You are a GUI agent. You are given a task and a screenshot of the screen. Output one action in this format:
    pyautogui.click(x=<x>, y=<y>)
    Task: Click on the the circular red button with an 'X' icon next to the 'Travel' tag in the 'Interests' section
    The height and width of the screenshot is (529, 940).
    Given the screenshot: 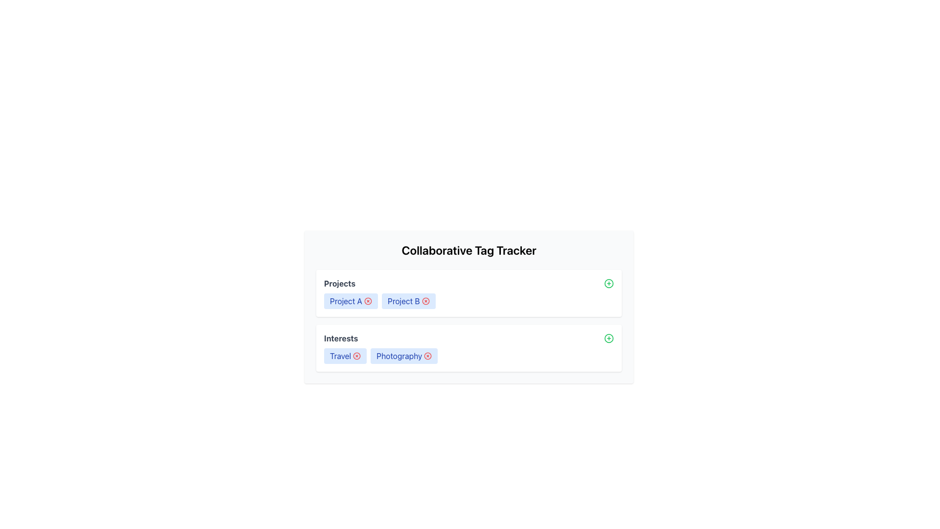 What is the action you would take?
    pyautogui.click(x=356, y=356)
    